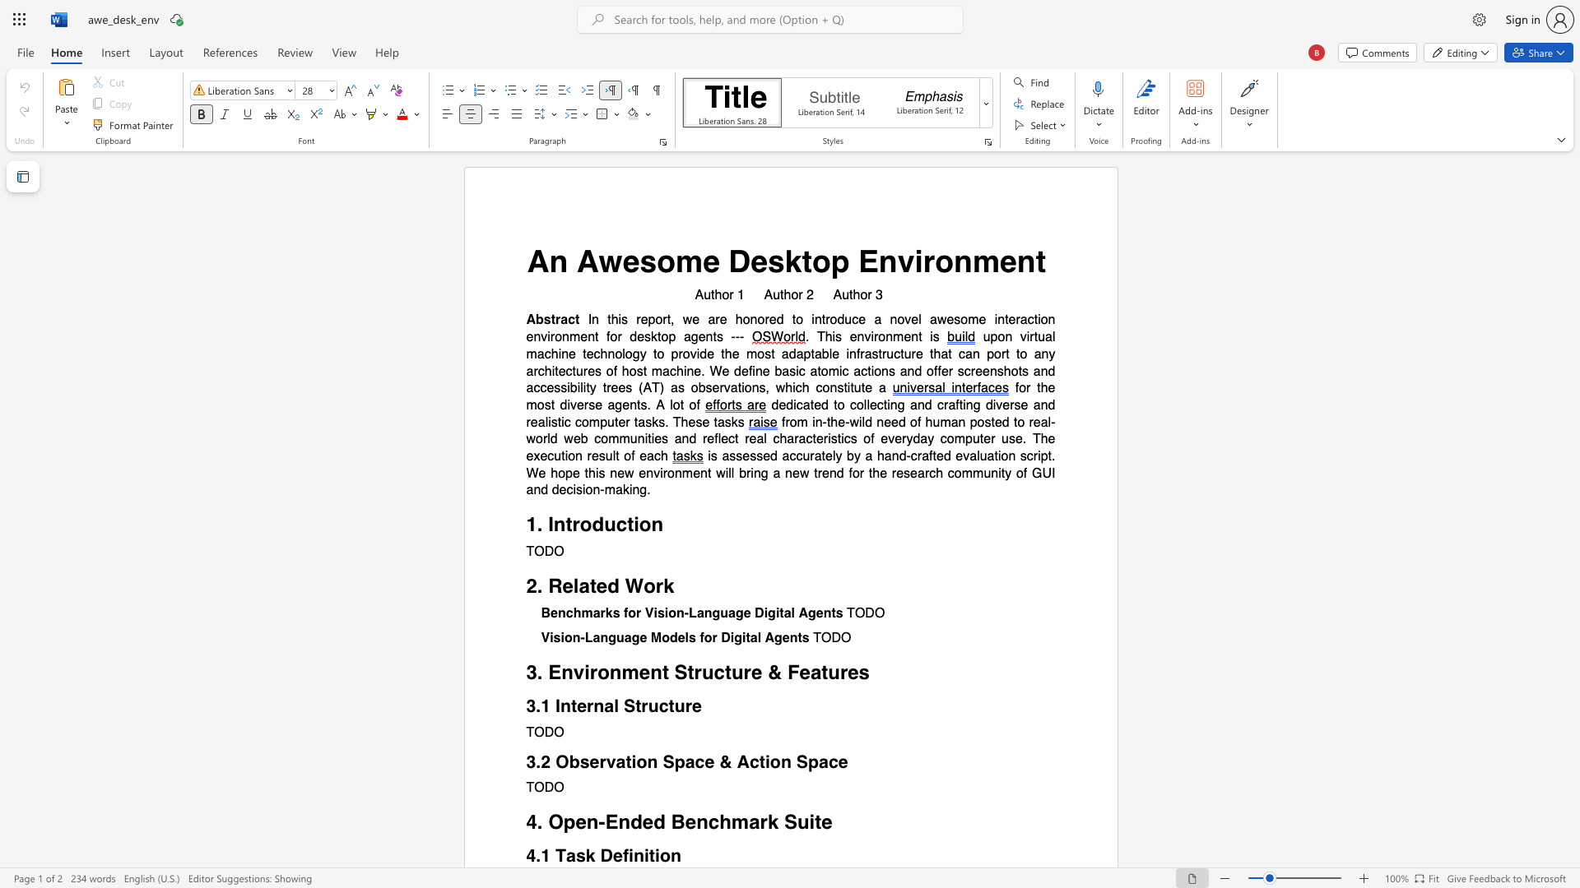  Describe the element at coordinates (933, 320) in the screenshot. I see `the 3th character "a" in the text` at that location.